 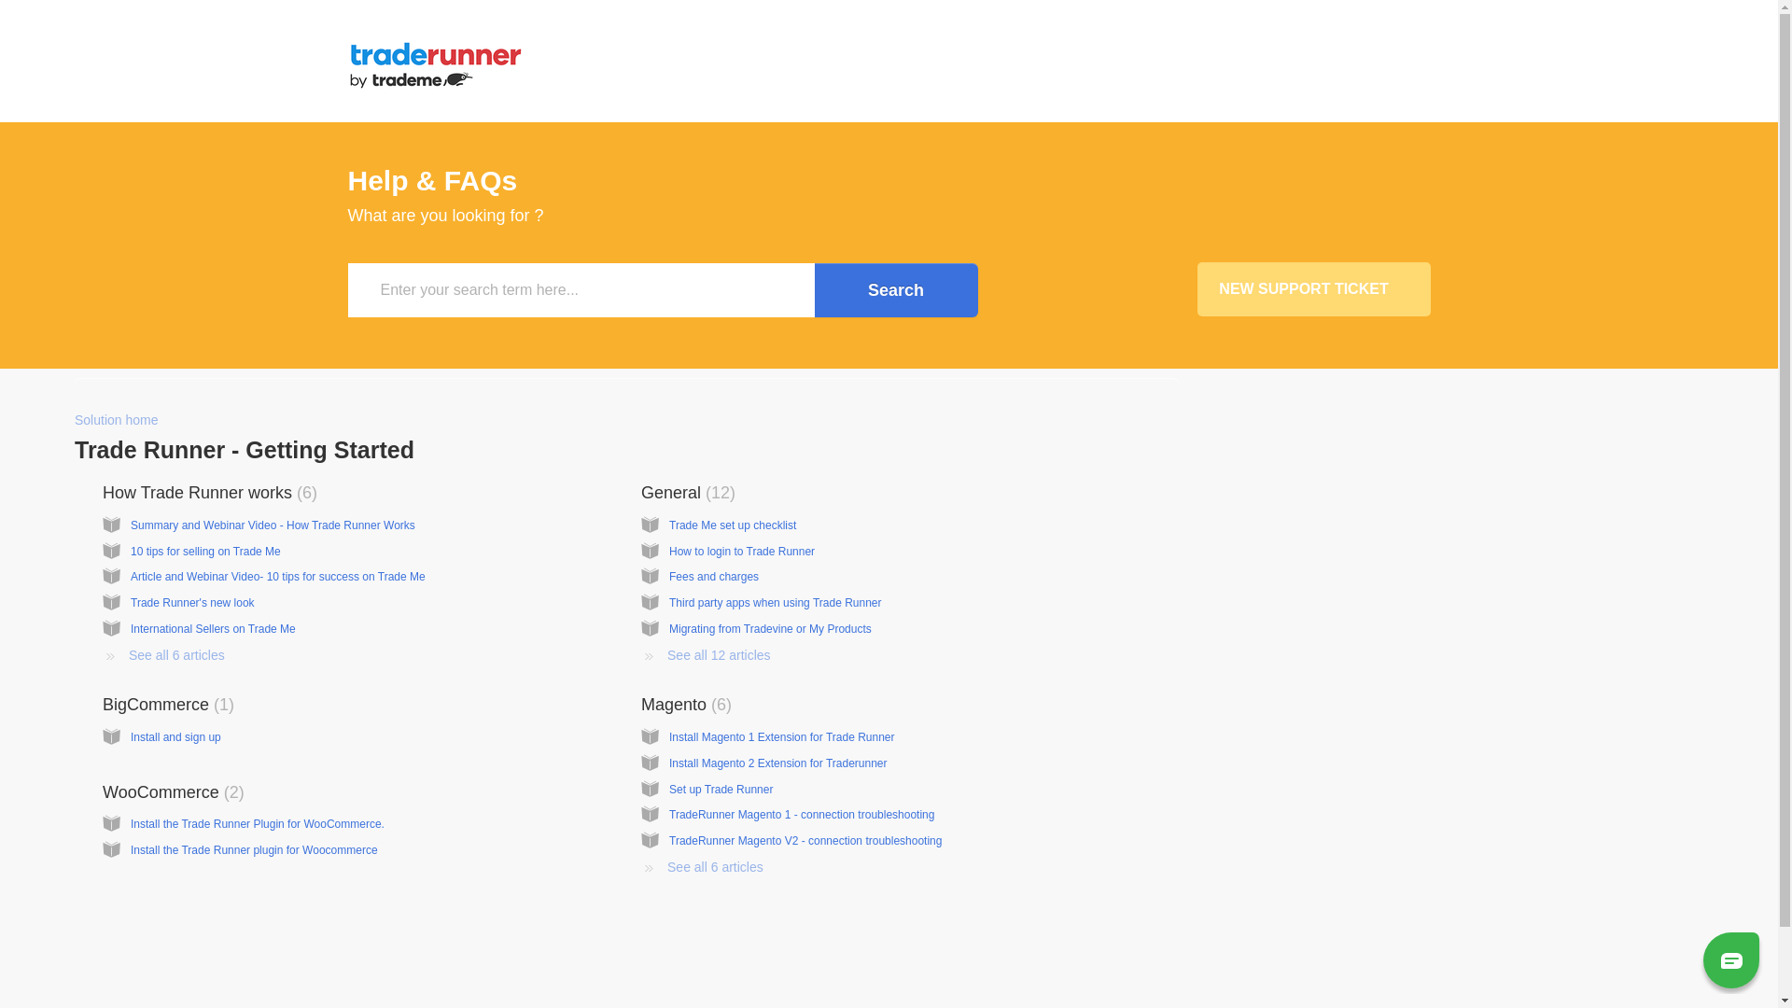 I want to click on 'Third party apps when using Trade Runner', so click(x=775, y=602).